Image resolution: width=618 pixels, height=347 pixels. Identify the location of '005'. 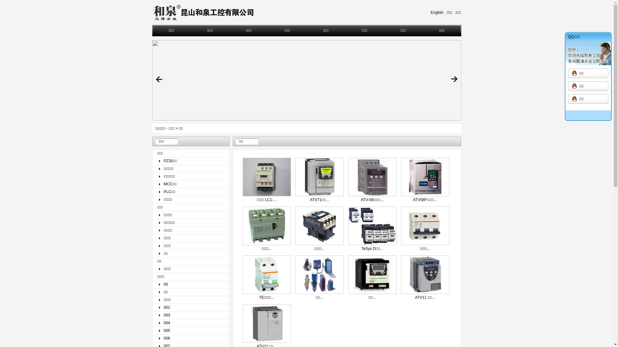
(191, 331).